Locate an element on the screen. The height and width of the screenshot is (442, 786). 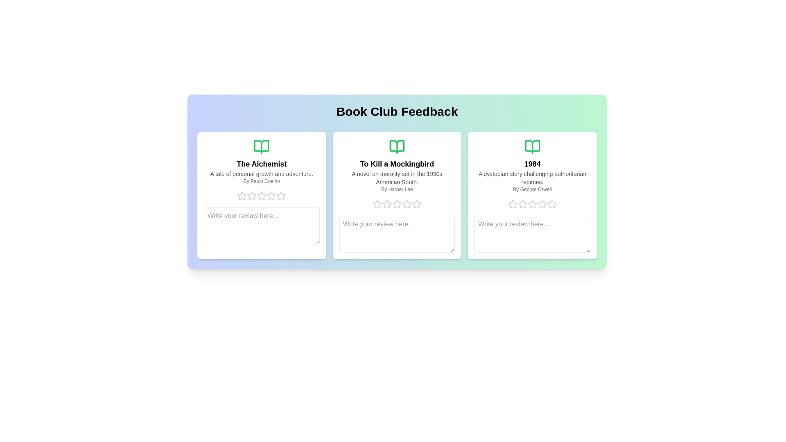
the second descriptive text that provides a synopsis of the book 'To Kill a Mockingbird', located between the title and the author's name in the second card is located at coordinates (397, 178).